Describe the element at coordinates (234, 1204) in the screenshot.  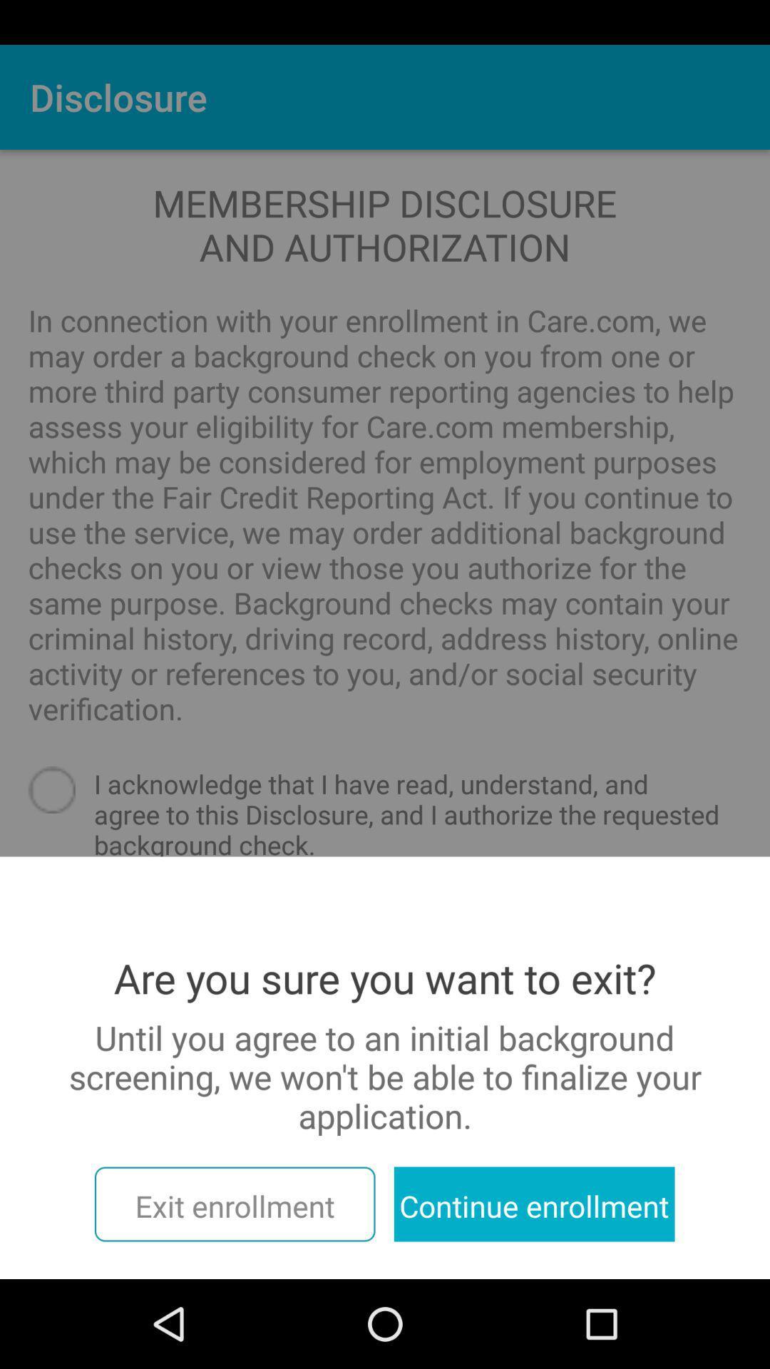
I see `exit enrollment item` at that location.